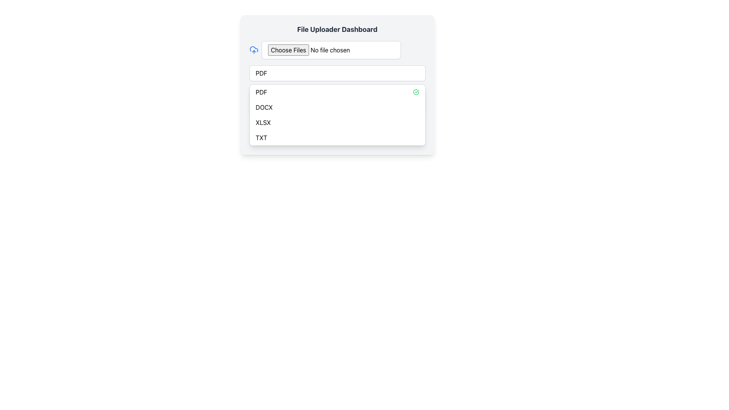 This screenshot has height=410, width=729. I want to click on the file selector input within the 'File Uploader Dashboard' panel to upload files, so click(337, 85).